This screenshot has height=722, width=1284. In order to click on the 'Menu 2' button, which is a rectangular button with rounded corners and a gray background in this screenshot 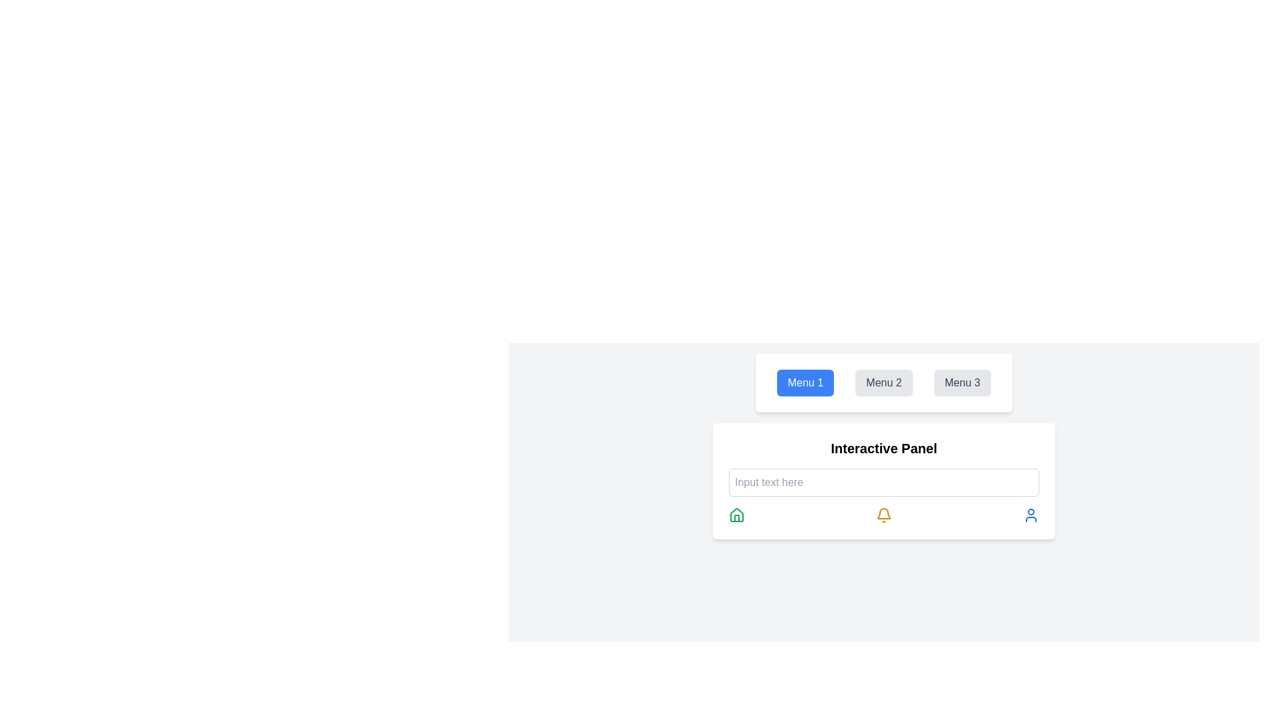, I will do `click(883, 383)`.